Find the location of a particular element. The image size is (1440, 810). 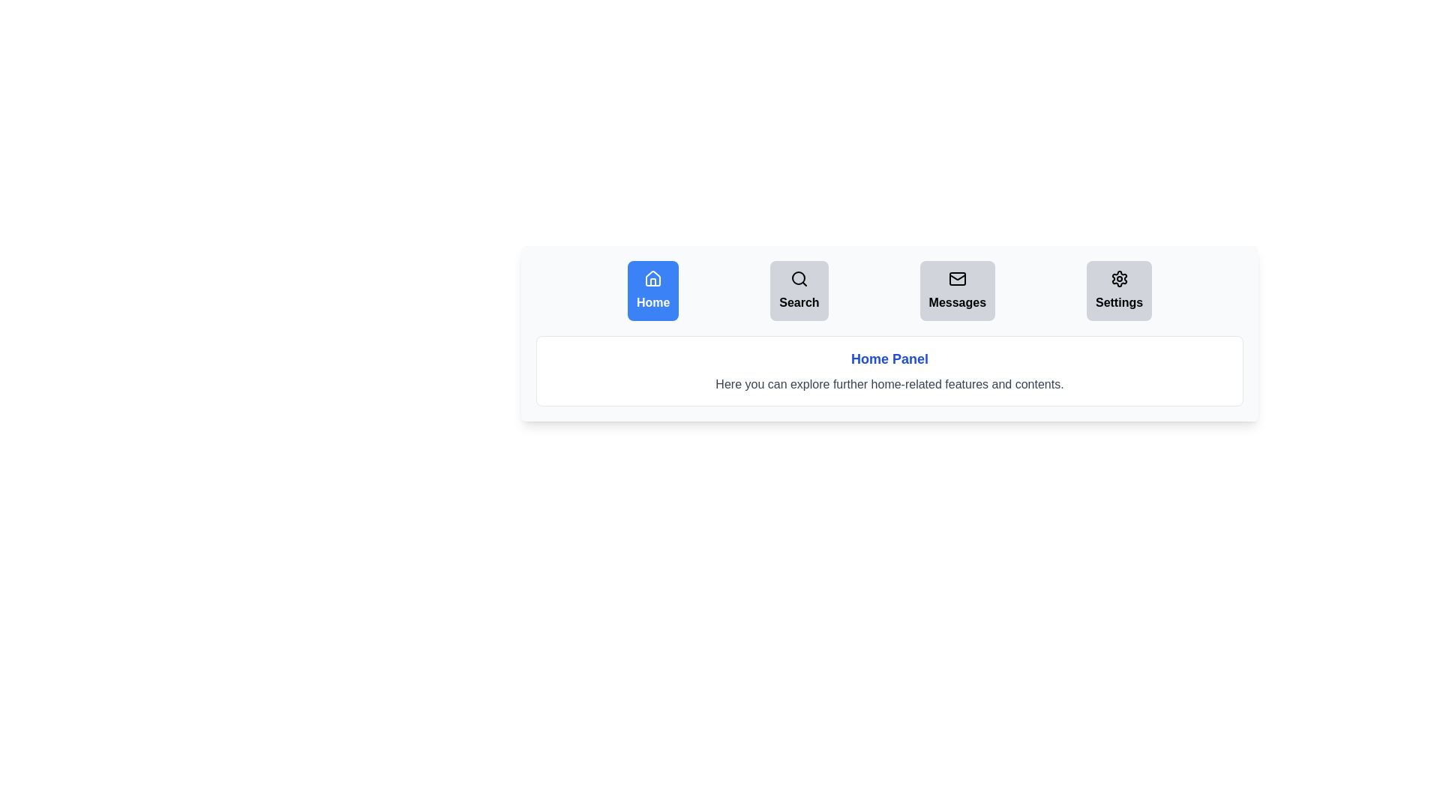

the Static Text element located beneath the title 'Home Panel' in the 'Home Panel' section is located at coordinates (889, 384).